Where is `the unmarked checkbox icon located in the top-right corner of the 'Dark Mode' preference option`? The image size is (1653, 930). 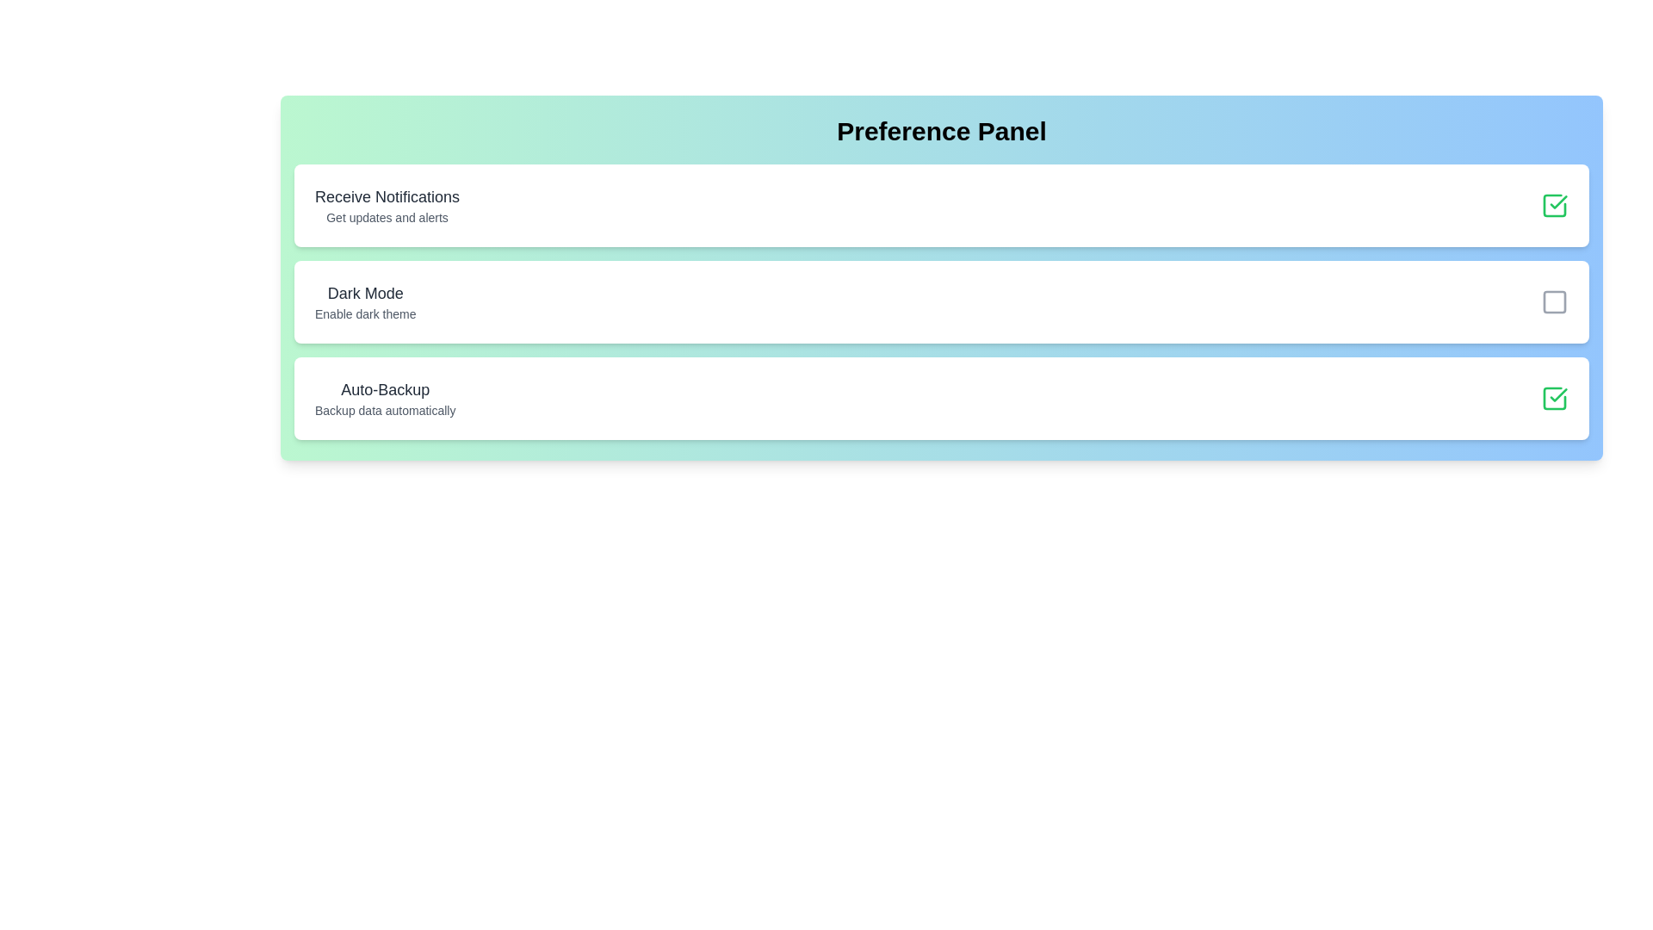
the unmarked checkbox icon located in the top-right corner of the 'Dark Mode' preference option is located at coordinates (1554, 301).